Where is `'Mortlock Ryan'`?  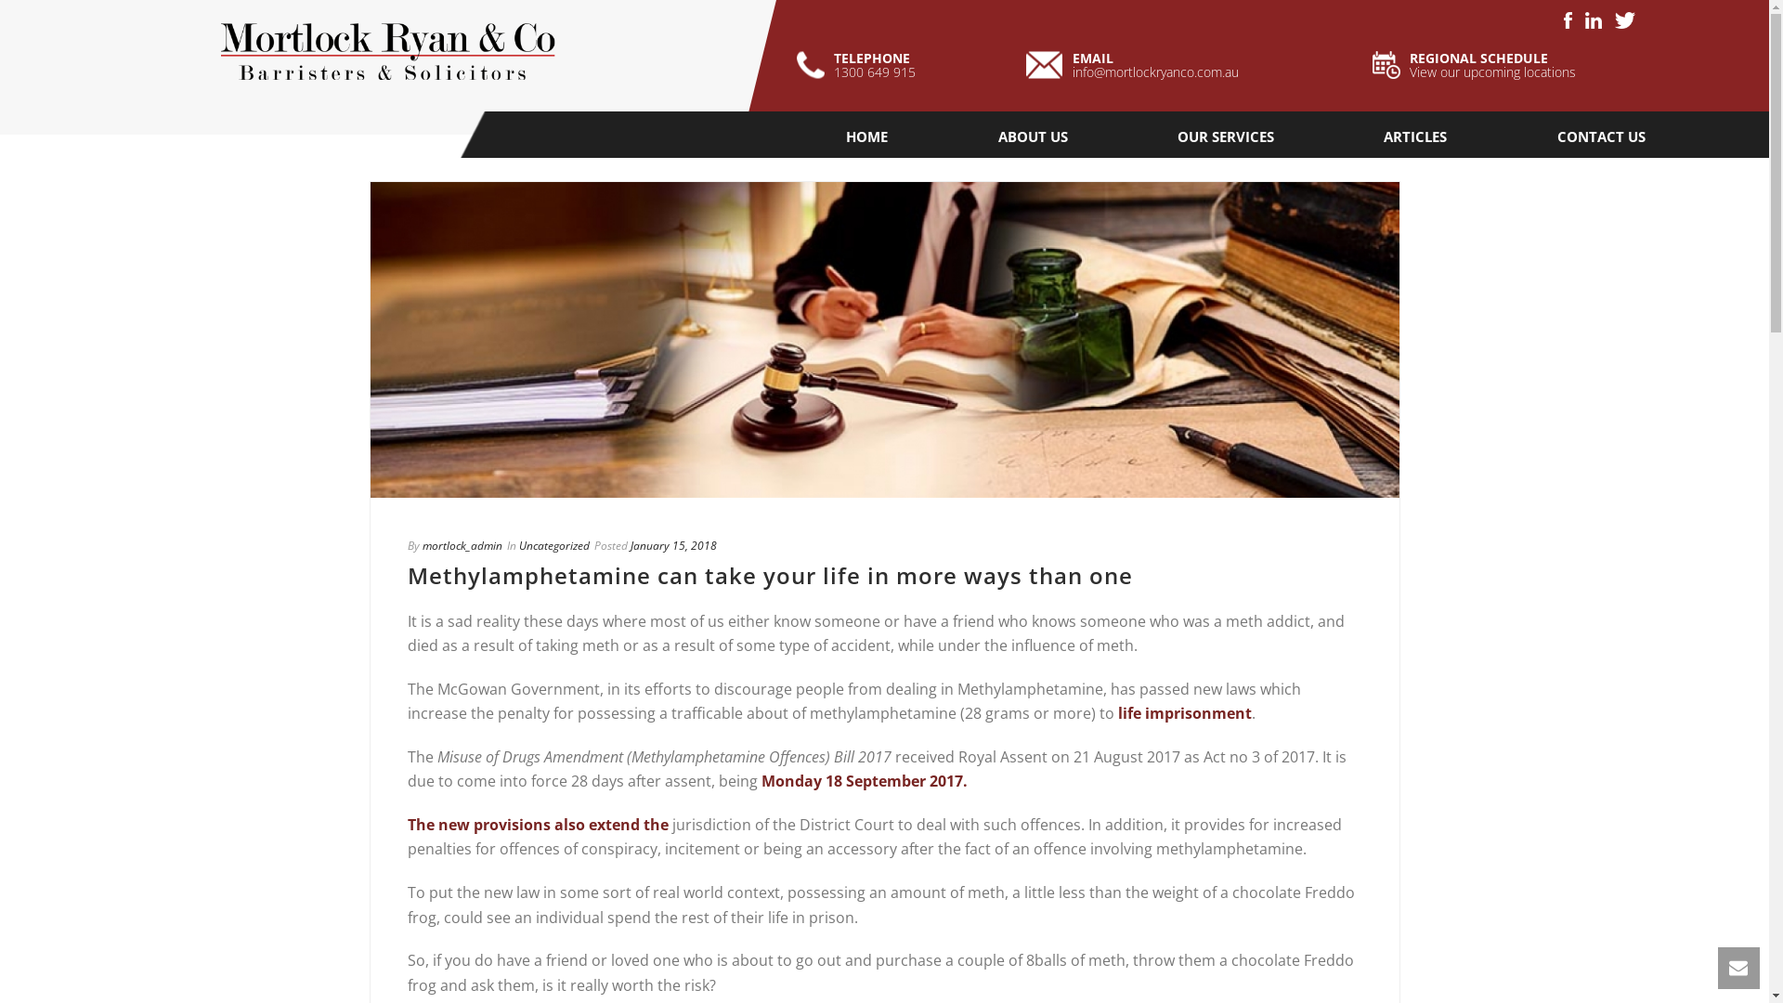 'Mortlock Ryan' is located at coordinates (386, 55).